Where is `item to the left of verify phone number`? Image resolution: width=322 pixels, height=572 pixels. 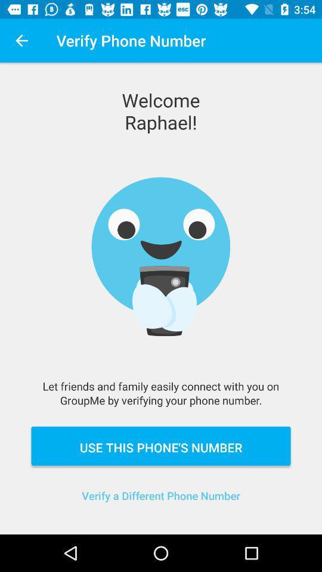 item to the left of verify phone number is located at coordinates (21, 41).